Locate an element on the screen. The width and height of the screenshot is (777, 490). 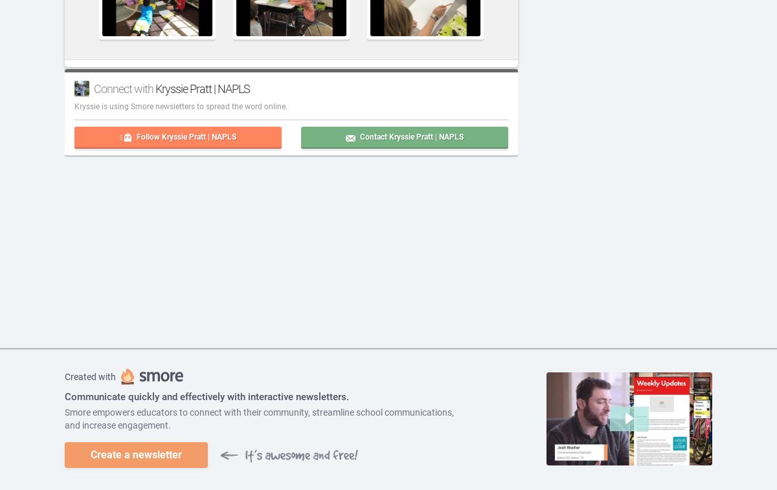
'is using Smore newsletters
                    to spread the word online.' is located at coordinates (193, 106).